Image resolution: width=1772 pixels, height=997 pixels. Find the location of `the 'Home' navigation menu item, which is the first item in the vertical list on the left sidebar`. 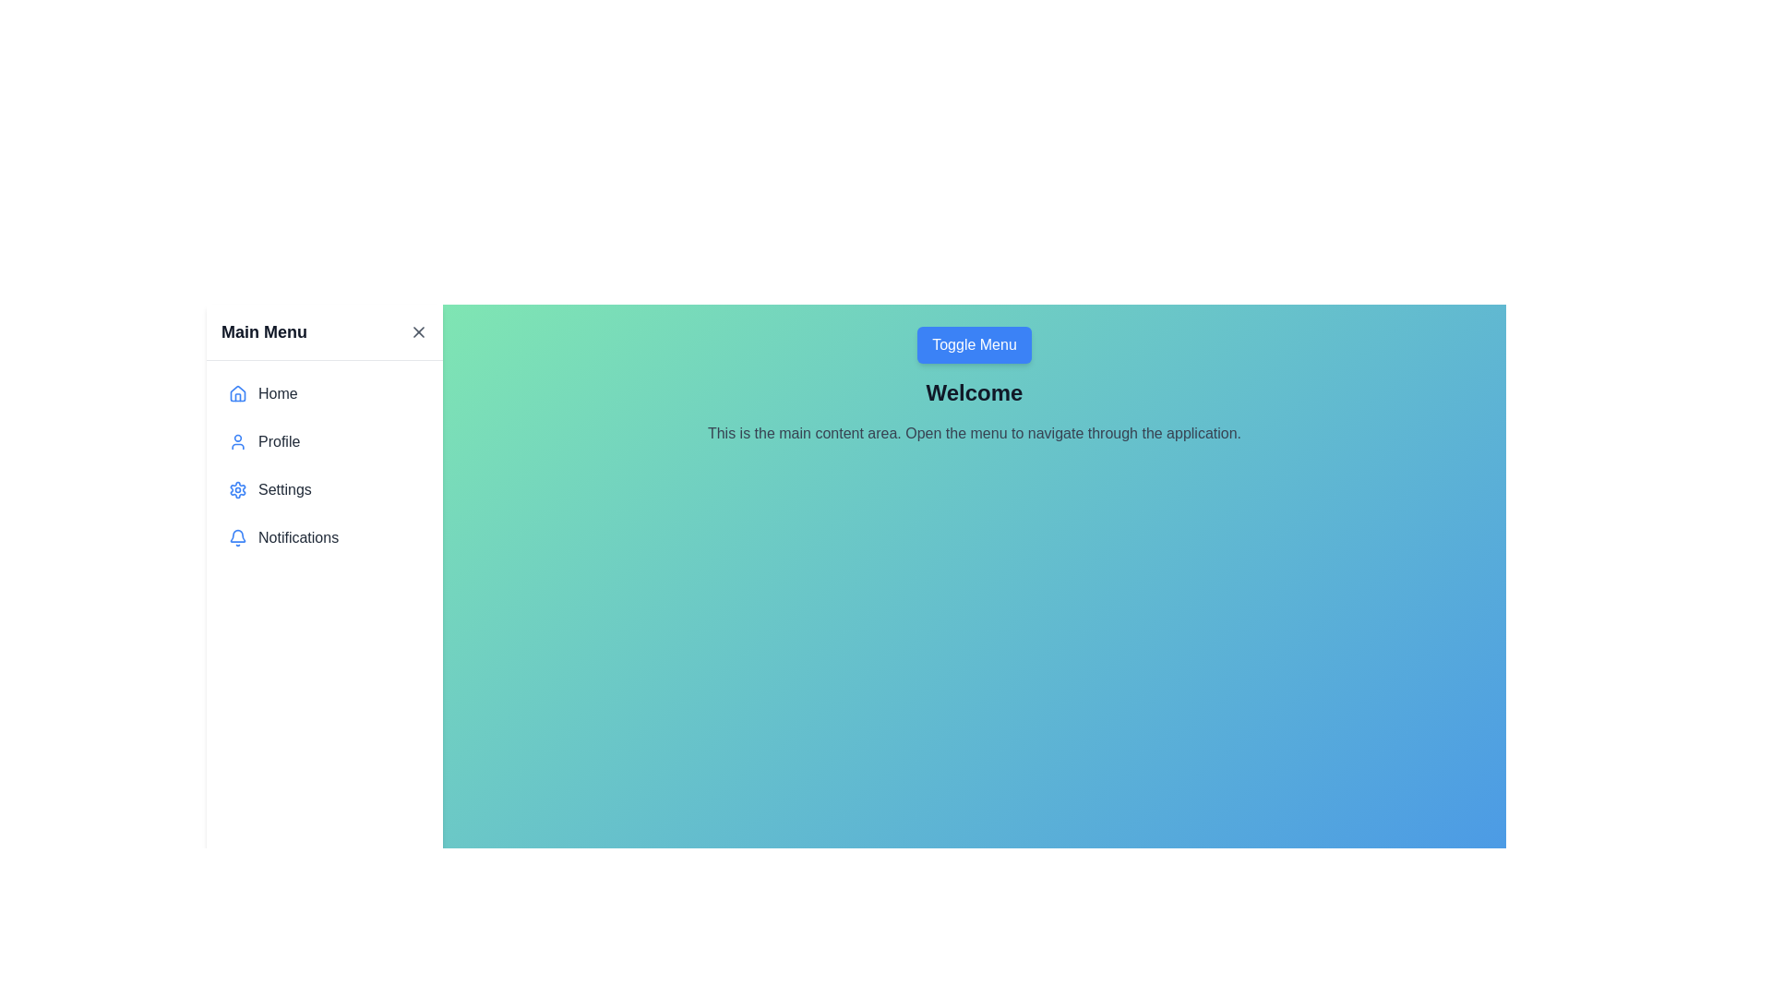

the 'Home' navigation menu item, which is the first item in the vertical list on the left sidebar is located at coordinates (324, 393).